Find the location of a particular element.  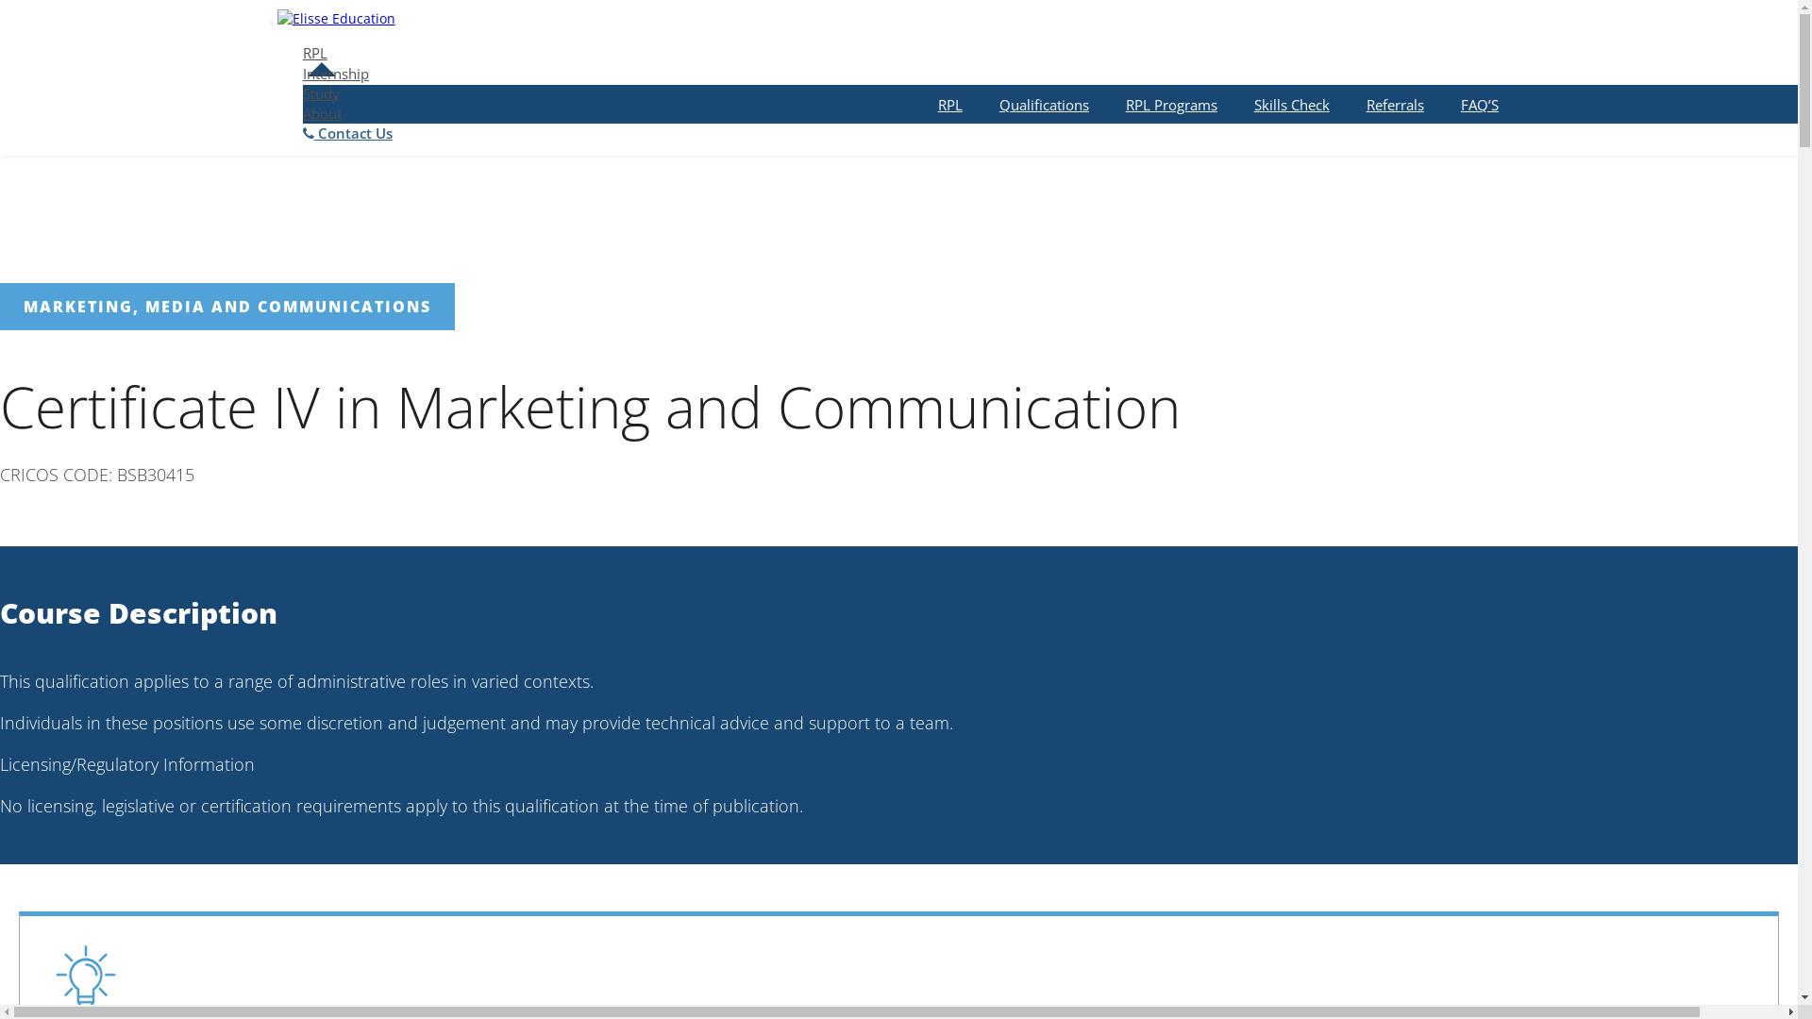

'Referrals' is located at coordinates (1395, 105).